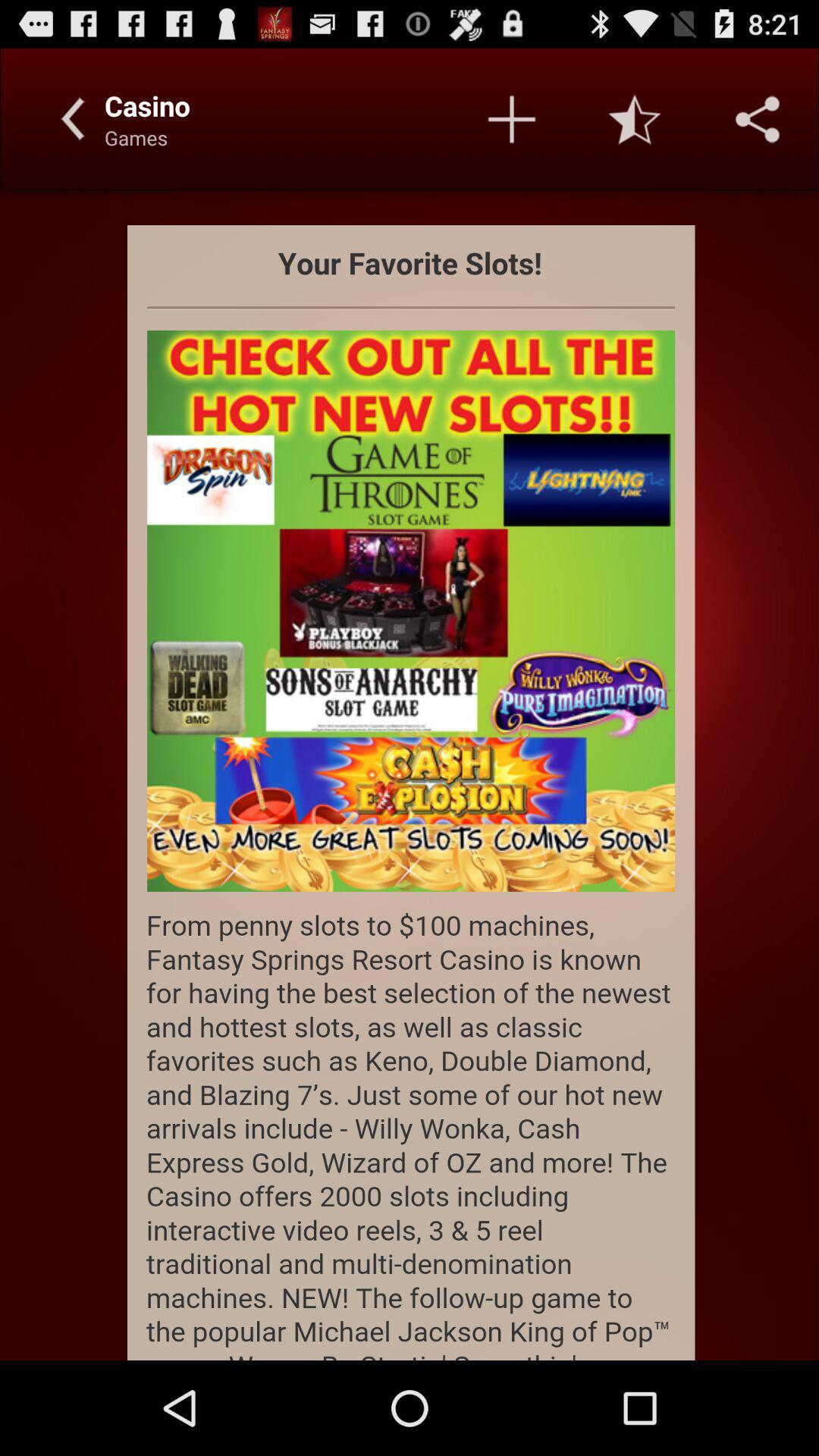  Describe the element at coordinates (635, 118) in the screenshot. I see `favourite` at that location.